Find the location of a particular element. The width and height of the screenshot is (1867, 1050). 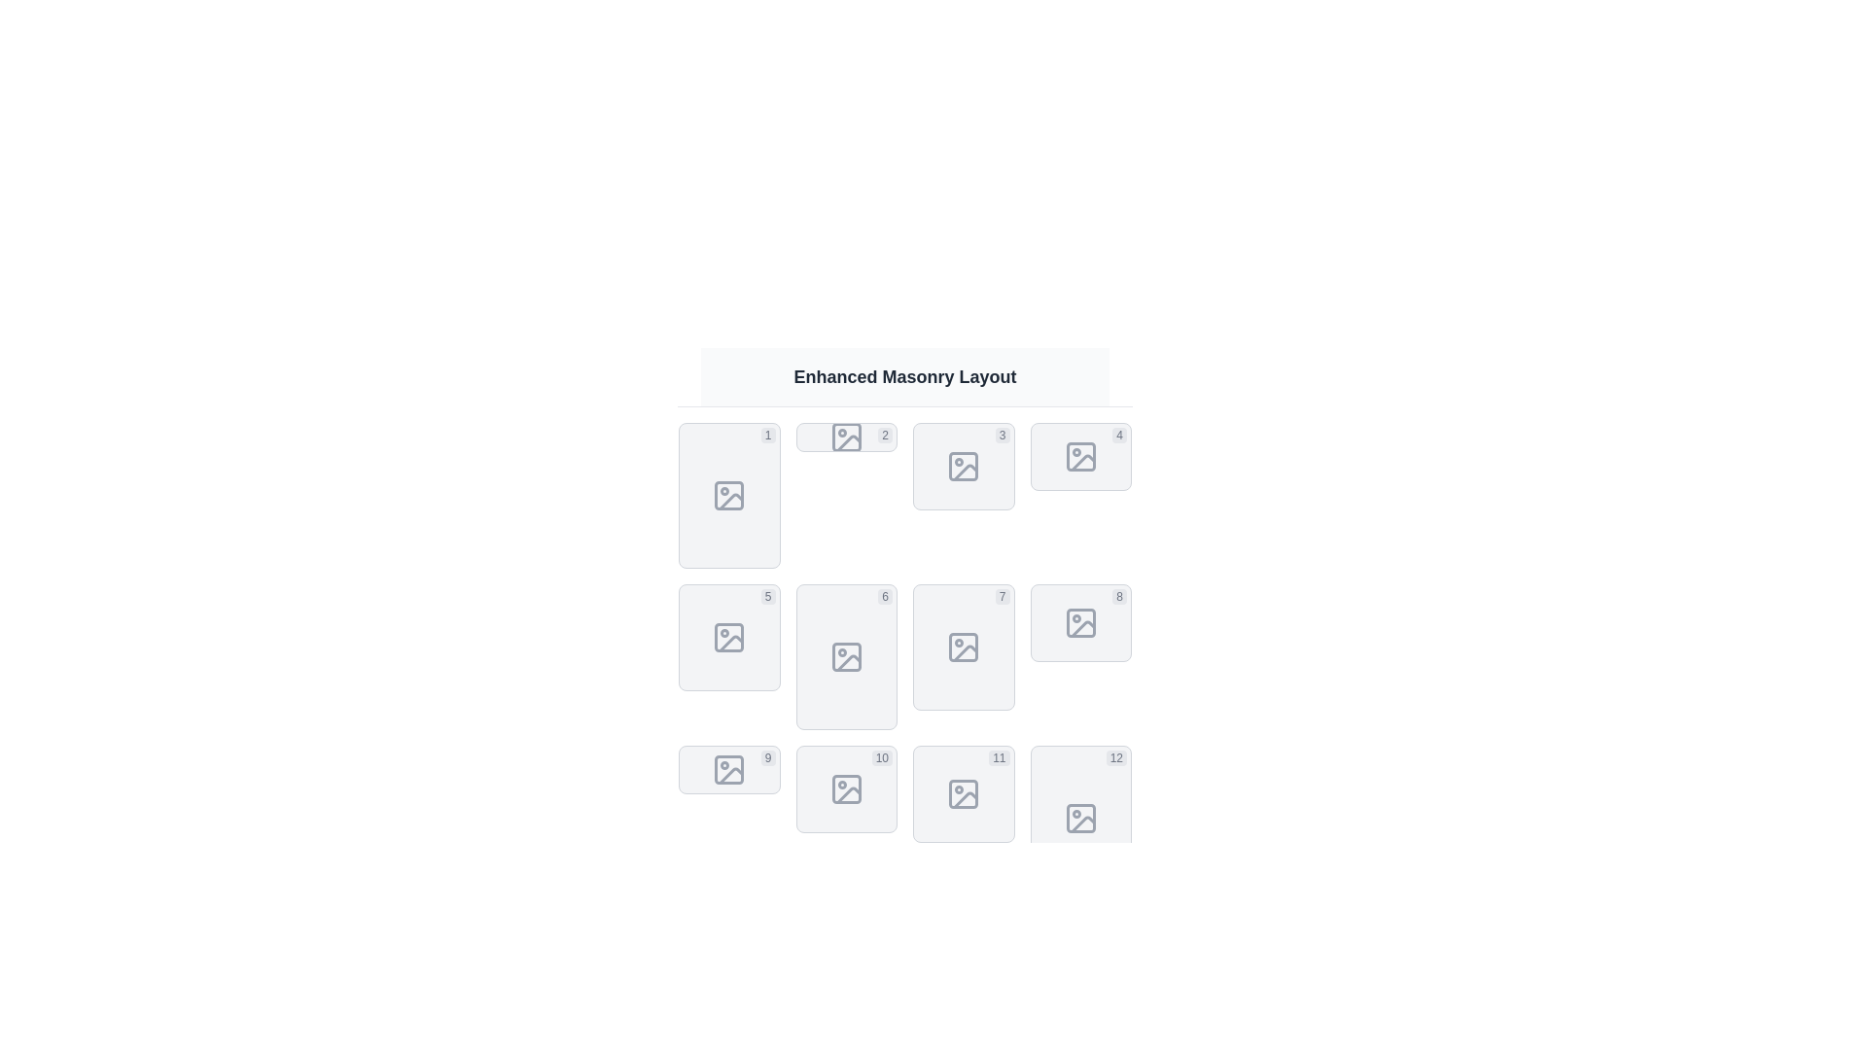

the largest square element within the SVG icon located in the 8th card of the masonry layout, specifically in the second row's fourth column is located at coordinates (1079, 622).